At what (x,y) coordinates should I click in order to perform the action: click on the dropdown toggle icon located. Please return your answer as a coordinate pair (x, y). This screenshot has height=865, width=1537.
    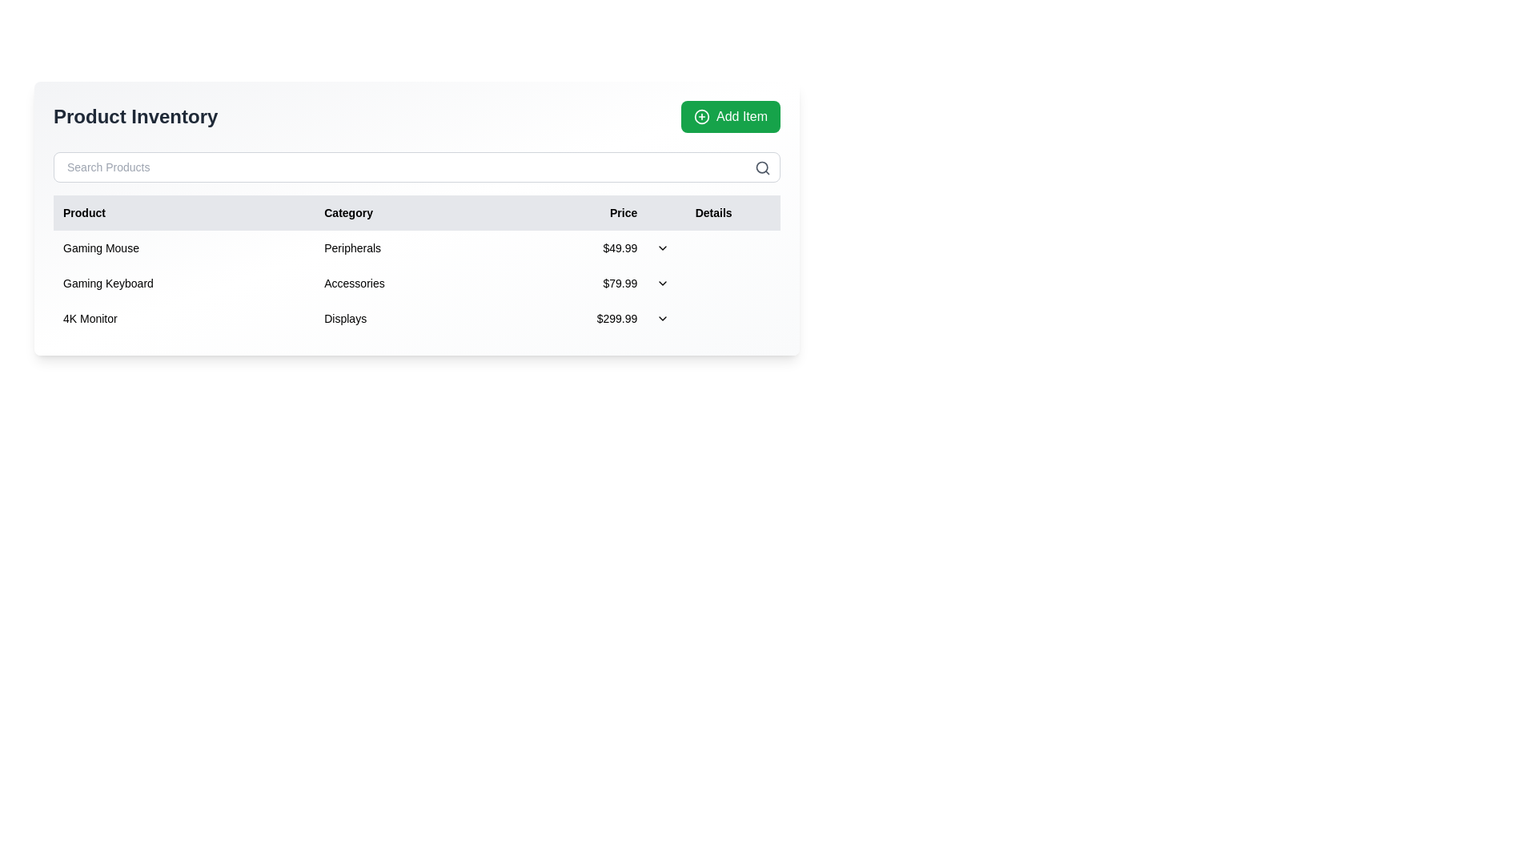
    Looking at the image, I should click on (663, 283).